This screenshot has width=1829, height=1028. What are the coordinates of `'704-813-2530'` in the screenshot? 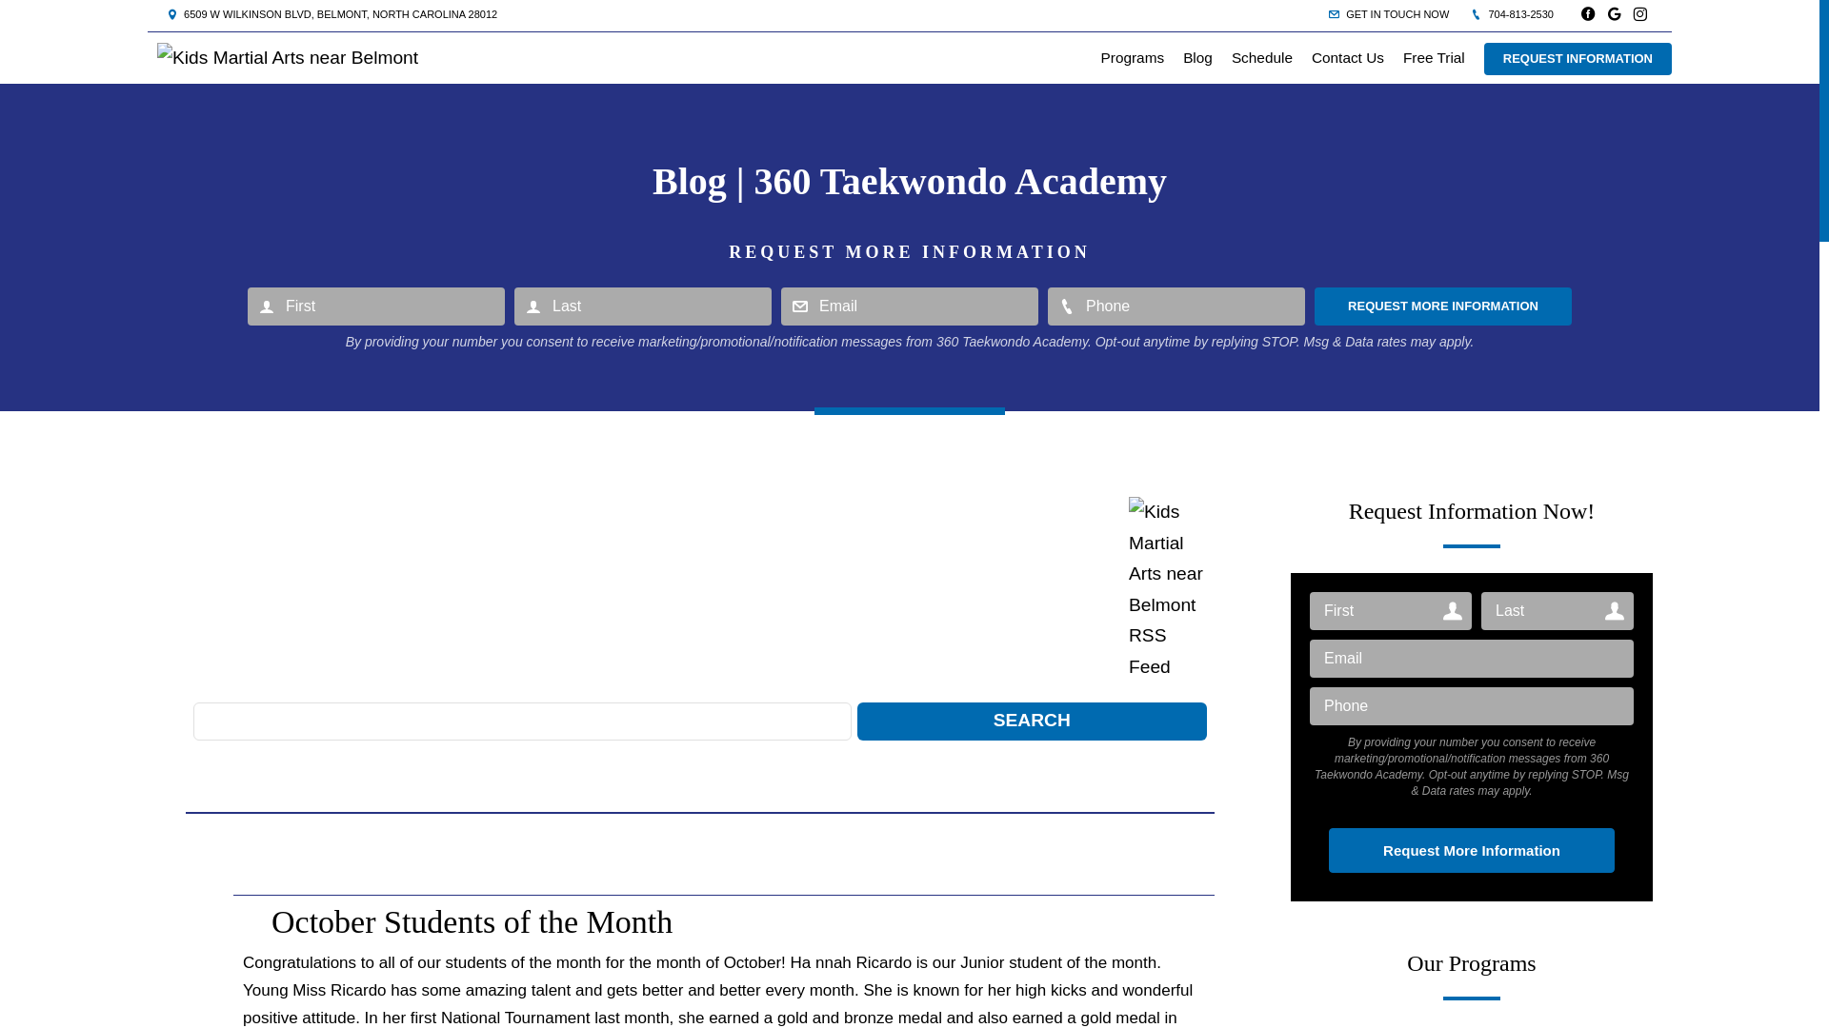 It's located at (1470, 14).